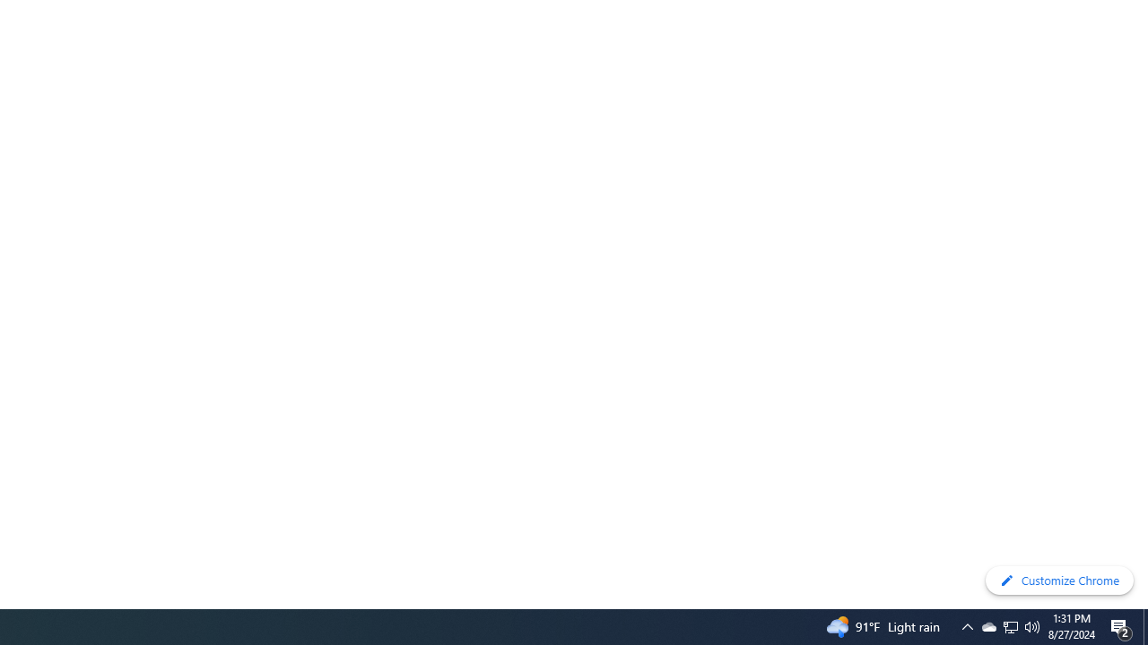 Image resolution: width=1148 pixels, height=645 pixels. What do you see at coordinates (1059, 580) in the screenshot?
I see `'Customize Chrome'` at bounding box center [1059, 580].